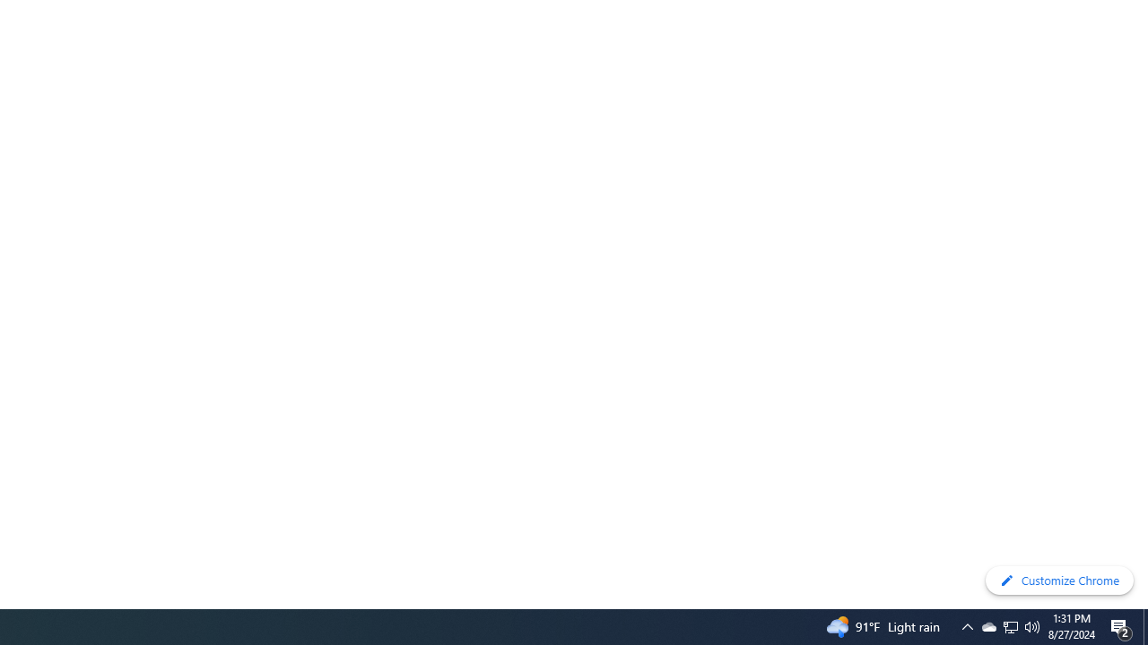 Image resolution: width=1148 pixels, height=645 pixels. What do you see at coordinates (1059, 580) in the screenshot?
I see `'Customize Chrome'` at bounding box center [1059, 580].